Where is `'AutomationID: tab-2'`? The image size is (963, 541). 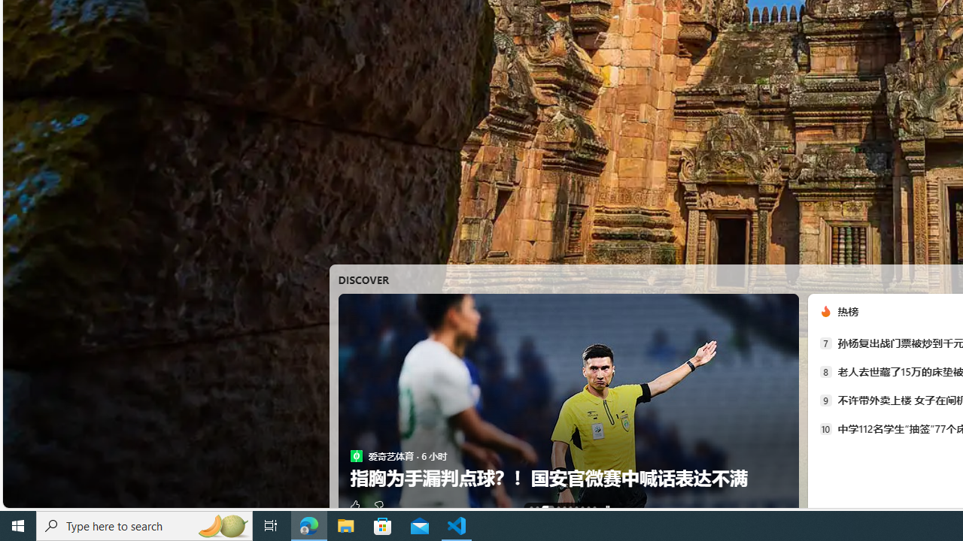 'AutomationID: tab-2' is located at coordinates (547, 507).